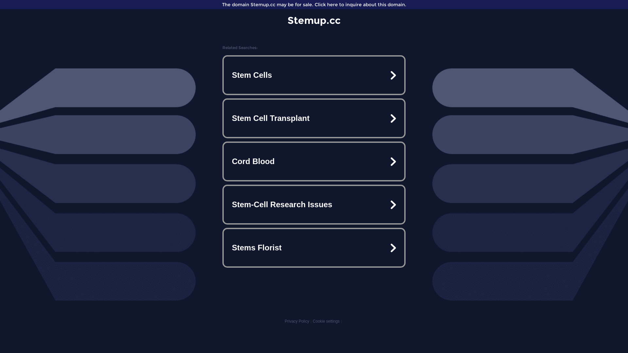 This screenshot has height=353, width=628. Describe the element at coordinates (326, 321) in the screenshot. I see `'Cookie settings'` at that location.